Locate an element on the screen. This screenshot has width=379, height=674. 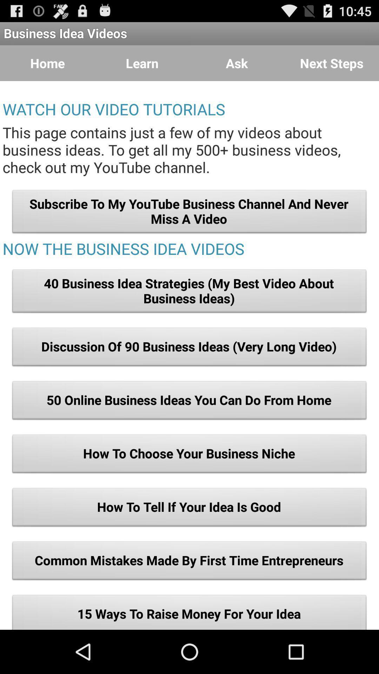
the 50 online business item is located at coordinates (189, 402).